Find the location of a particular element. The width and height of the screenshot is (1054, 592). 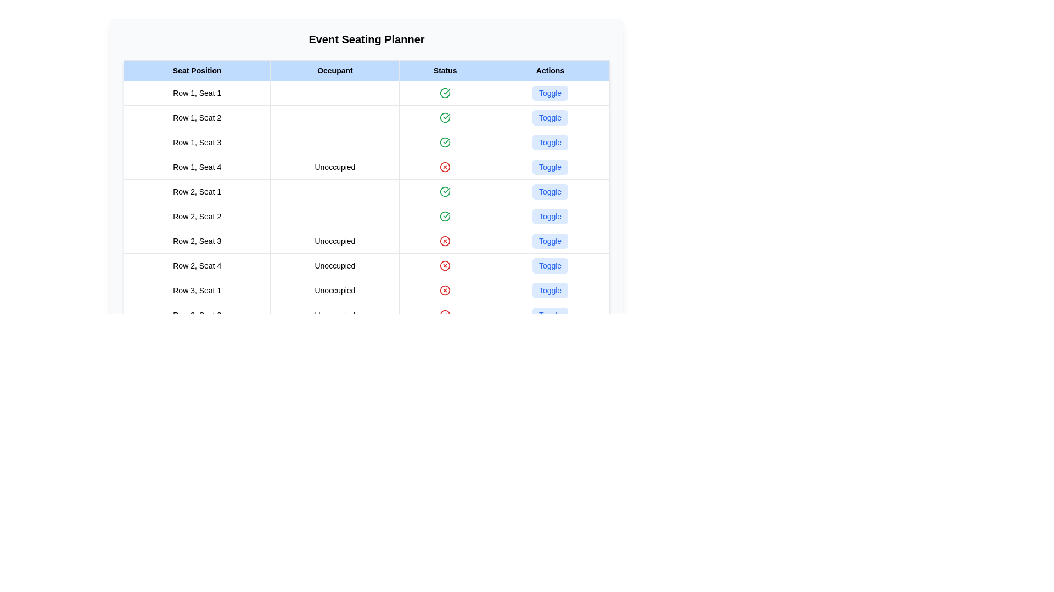

the button that toggles the state for 'Row 2, Seat 4' located in the last column under the 'Actions' header is located at coordinates (550, 266).